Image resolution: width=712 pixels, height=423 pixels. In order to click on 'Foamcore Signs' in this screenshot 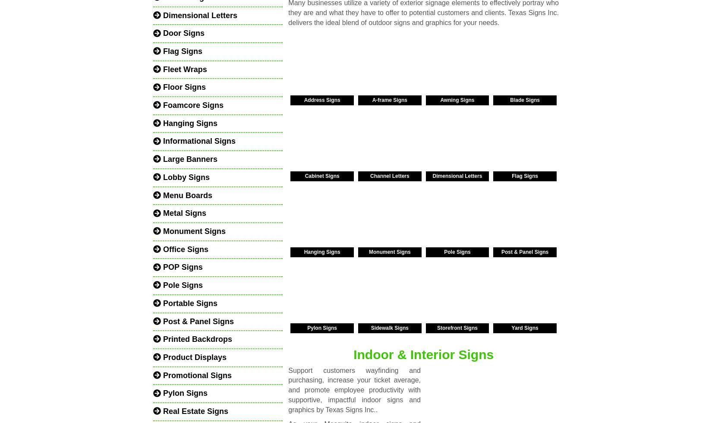, I will do `click(192, 105)`.